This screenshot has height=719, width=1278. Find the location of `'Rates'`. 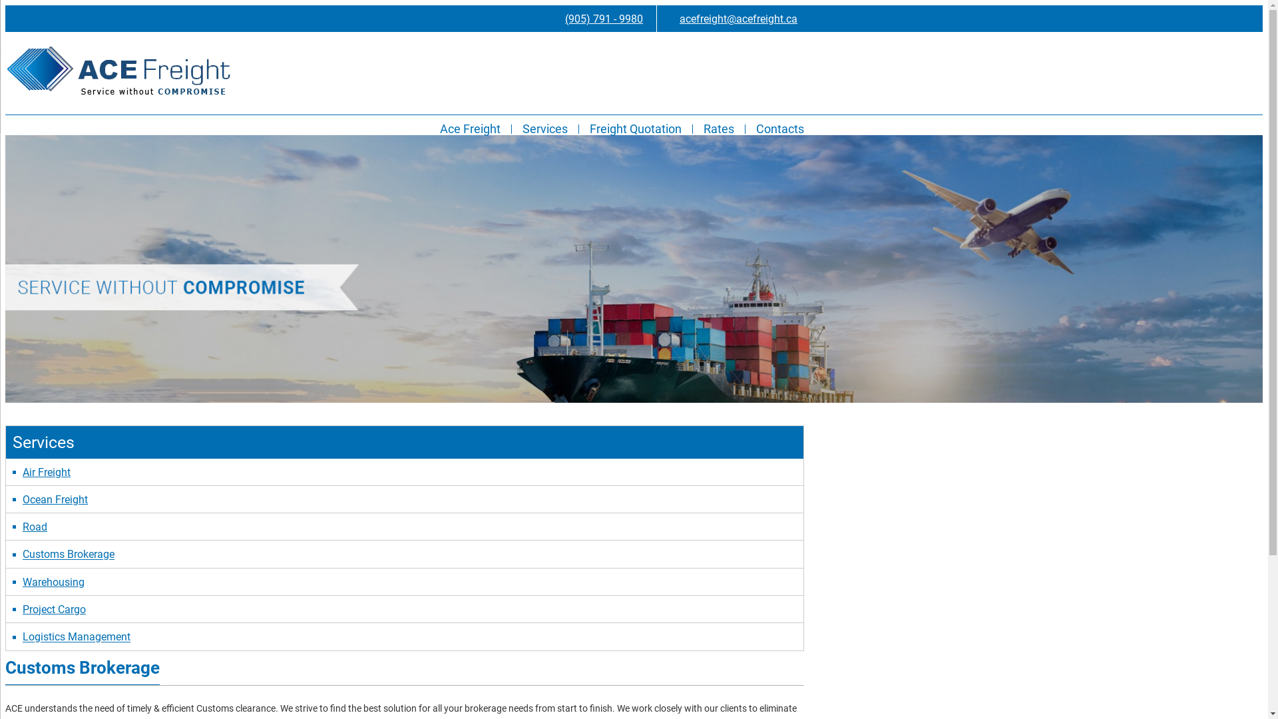

'Rates' is located at coordinates (718, 128).